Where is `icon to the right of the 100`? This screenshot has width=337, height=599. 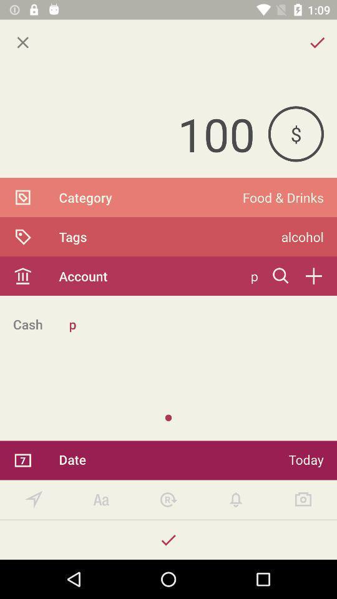 icon to the right of the 100 is located at coordinates (295, 134).